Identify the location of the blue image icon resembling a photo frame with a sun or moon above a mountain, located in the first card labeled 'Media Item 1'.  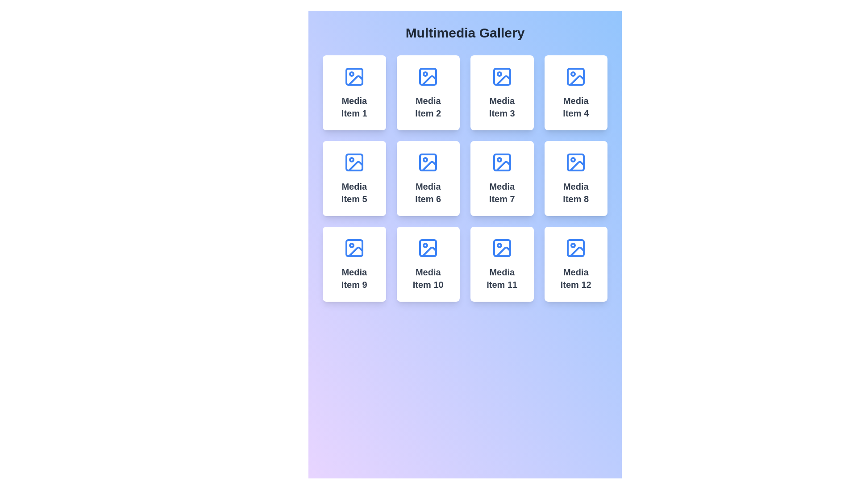
(354, 76).